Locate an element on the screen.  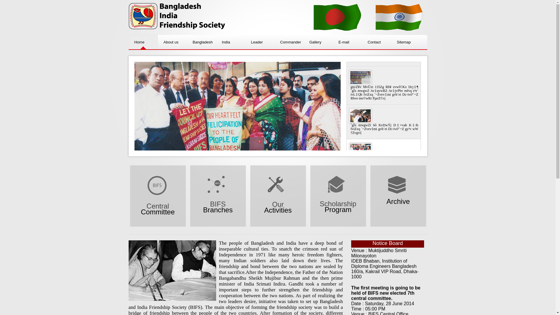
'Contact' is located at coordinates (376, 42).